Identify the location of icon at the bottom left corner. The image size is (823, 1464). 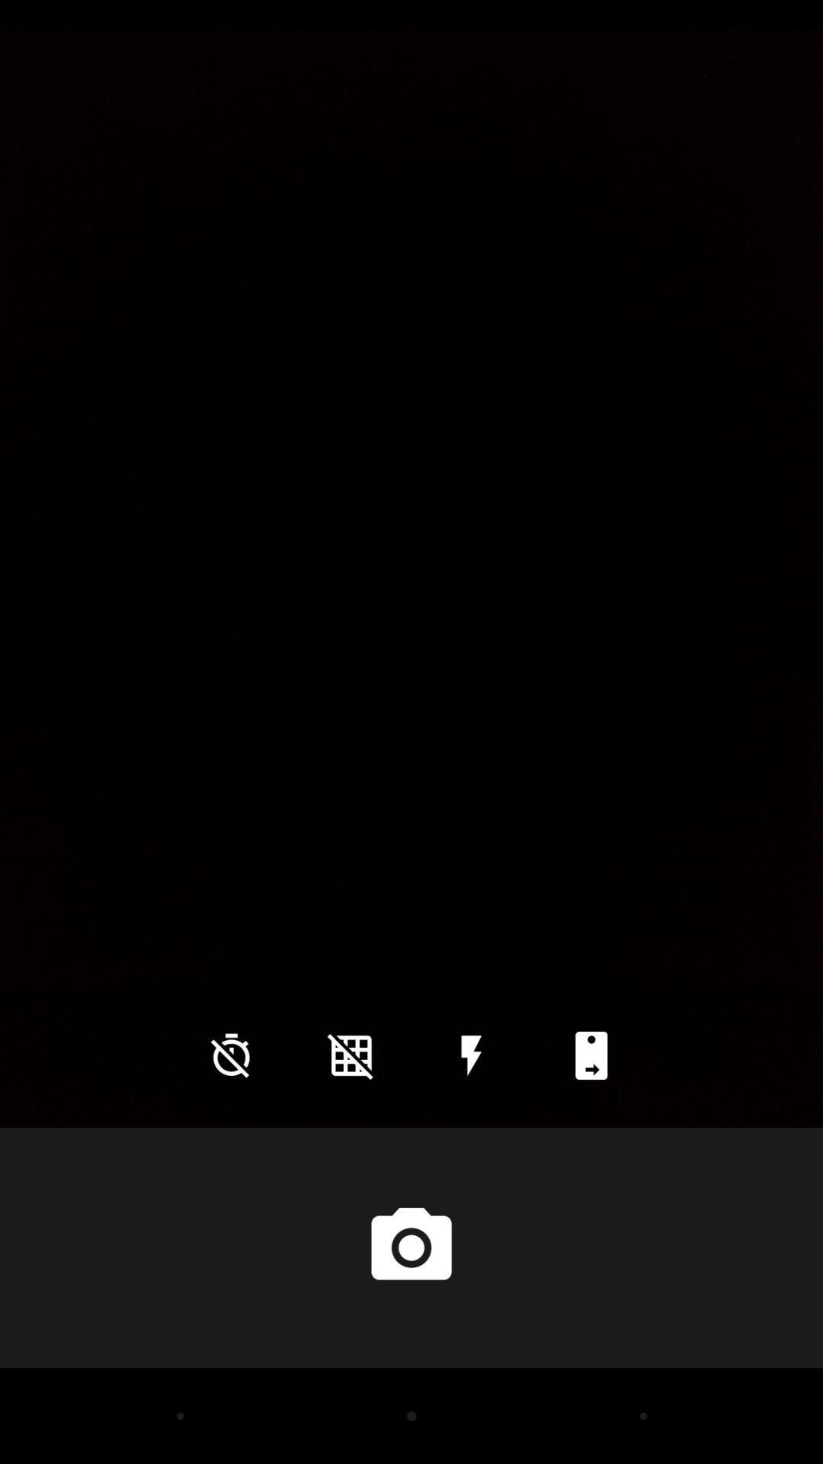
(231, 1055).